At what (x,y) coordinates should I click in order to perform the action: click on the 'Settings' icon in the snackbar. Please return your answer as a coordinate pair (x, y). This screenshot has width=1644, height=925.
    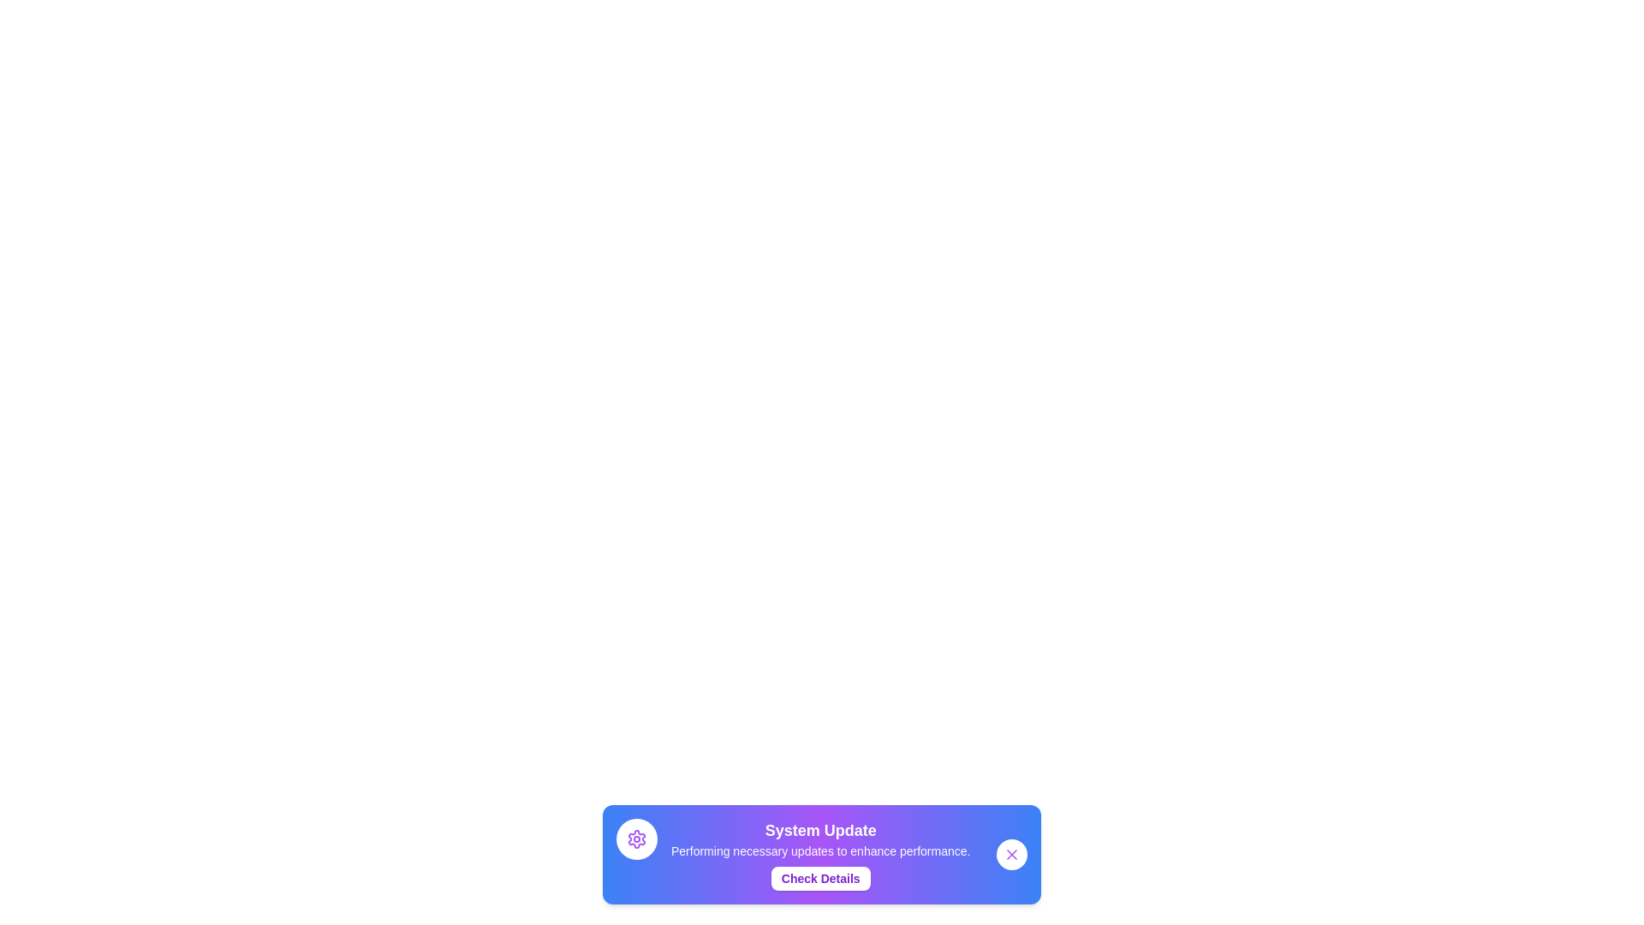
    Looking at the image, I should click on (636, 838).